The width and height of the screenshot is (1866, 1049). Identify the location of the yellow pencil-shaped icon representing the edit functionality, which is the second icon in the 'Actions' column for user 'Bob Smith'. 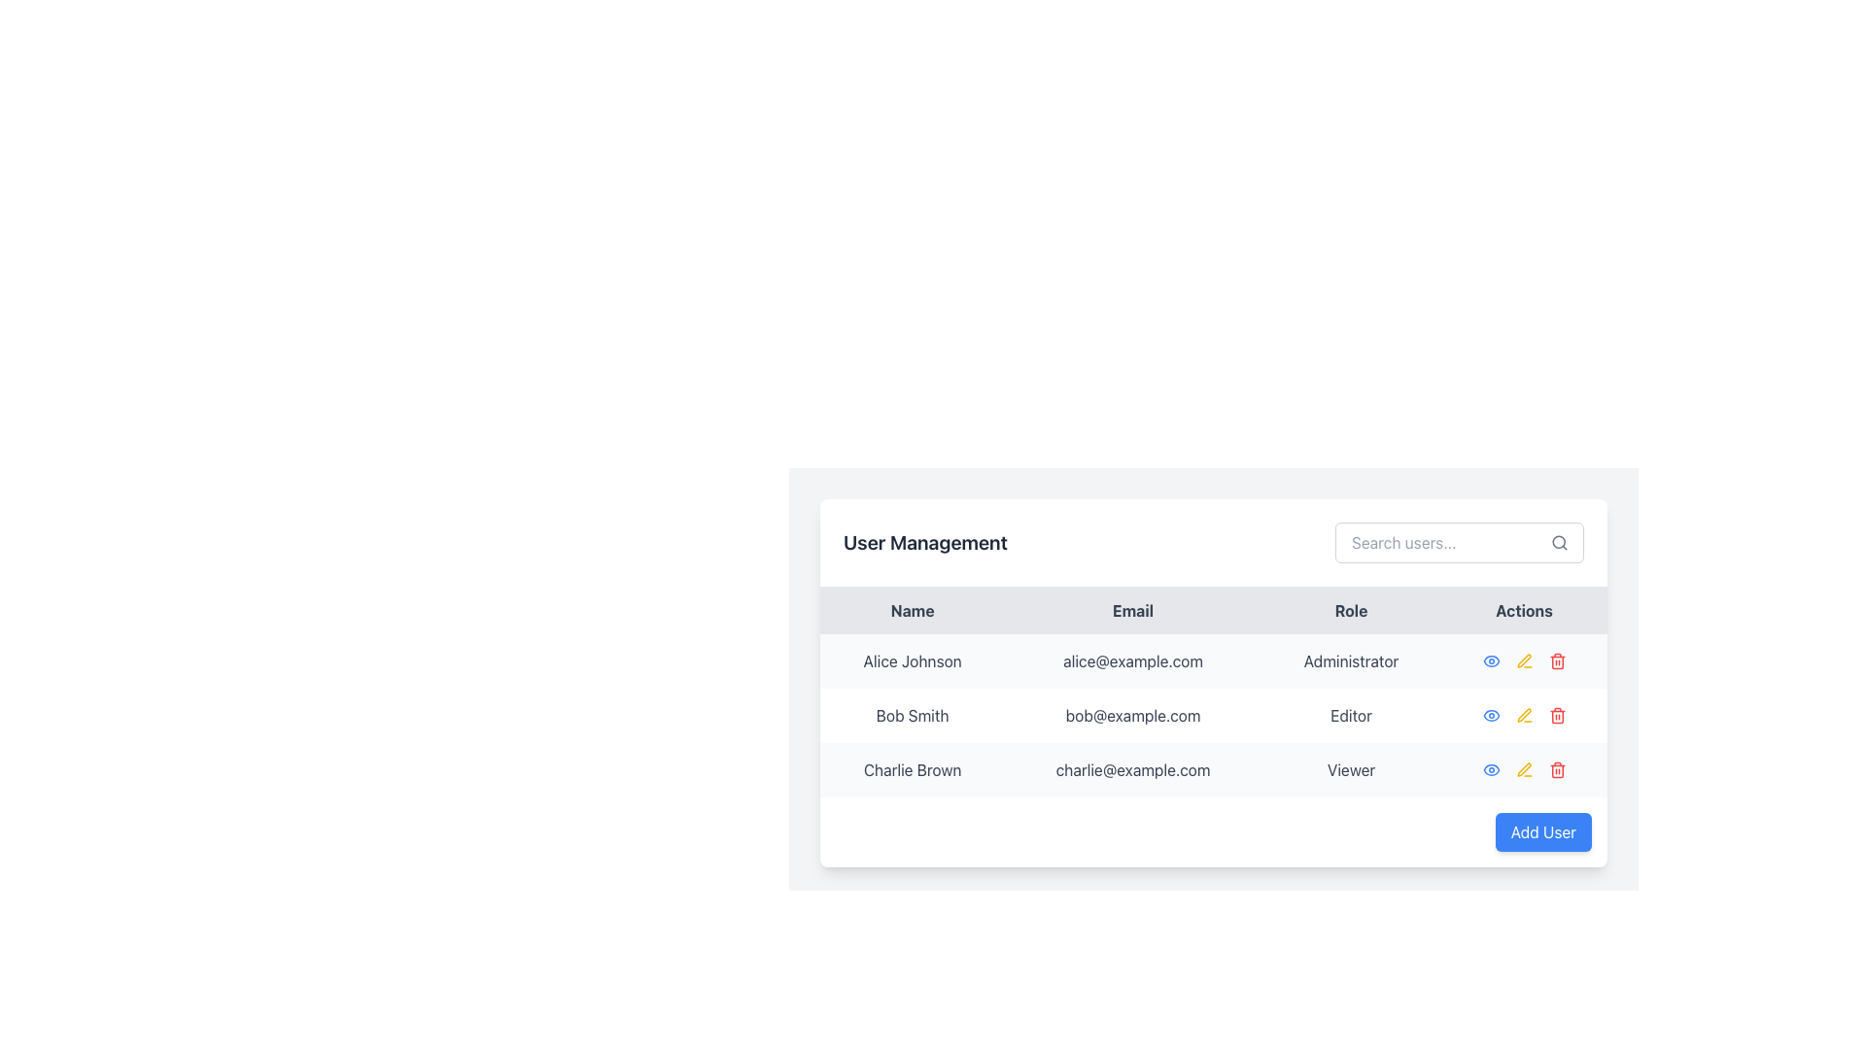
(1523, 715).